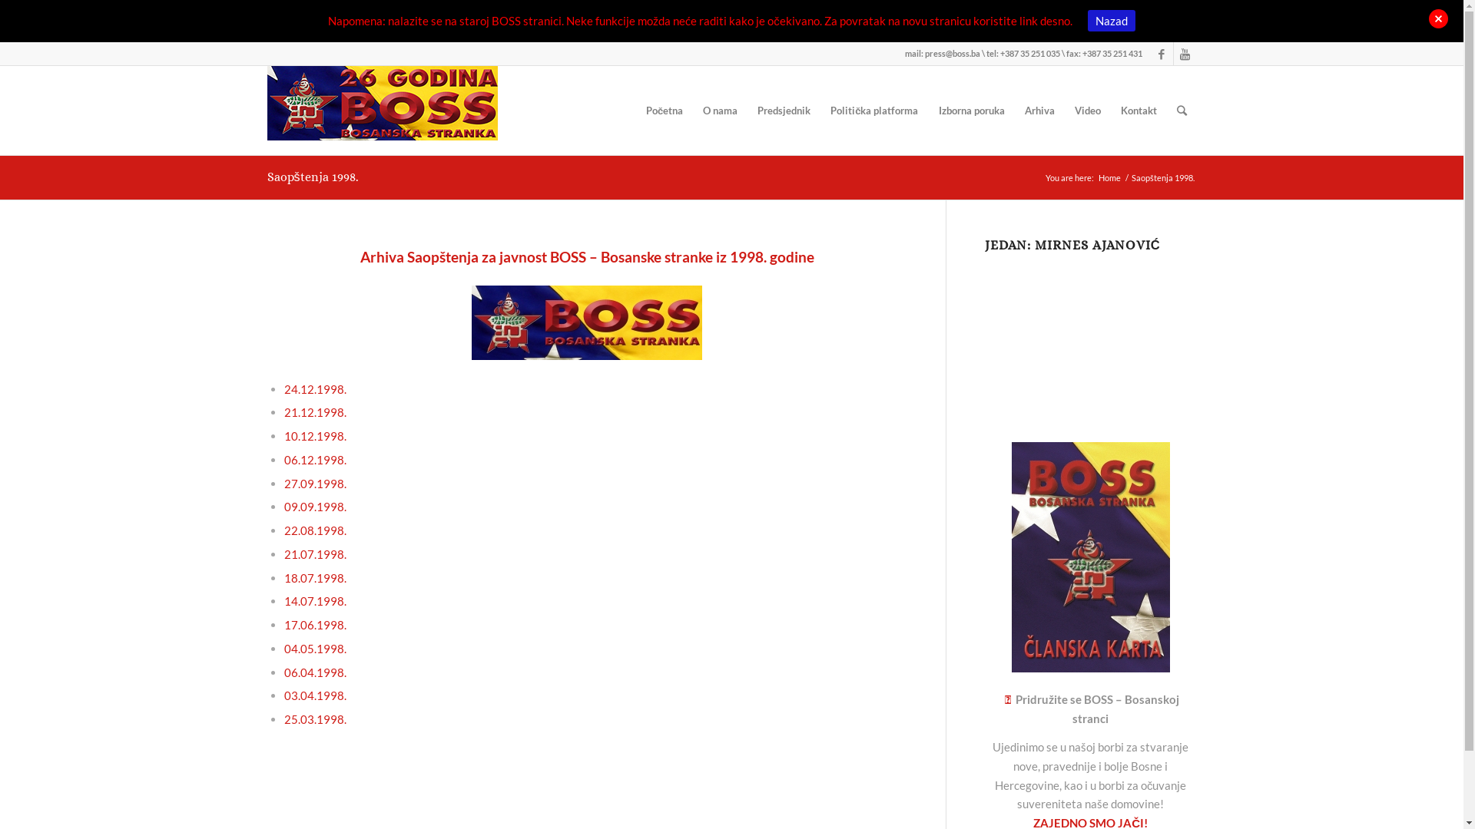  I want to click on '06.04.1998.', so click(314, 671).